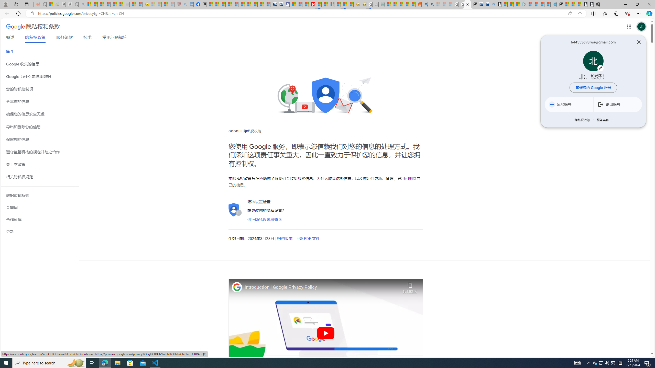  Describe the element at coordinates (322, 287) in the screenshot. I see `'Introduction | Google Privacy Policy'` at that location.